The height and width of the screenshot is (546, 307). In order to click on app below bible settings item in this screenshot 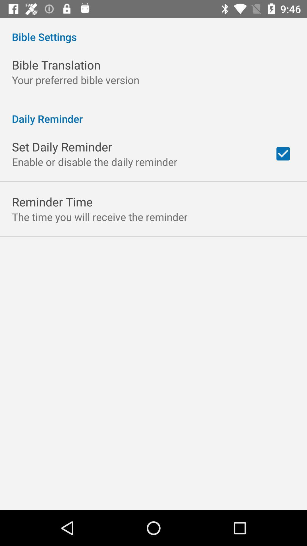, I will do `click(56, 65)`.